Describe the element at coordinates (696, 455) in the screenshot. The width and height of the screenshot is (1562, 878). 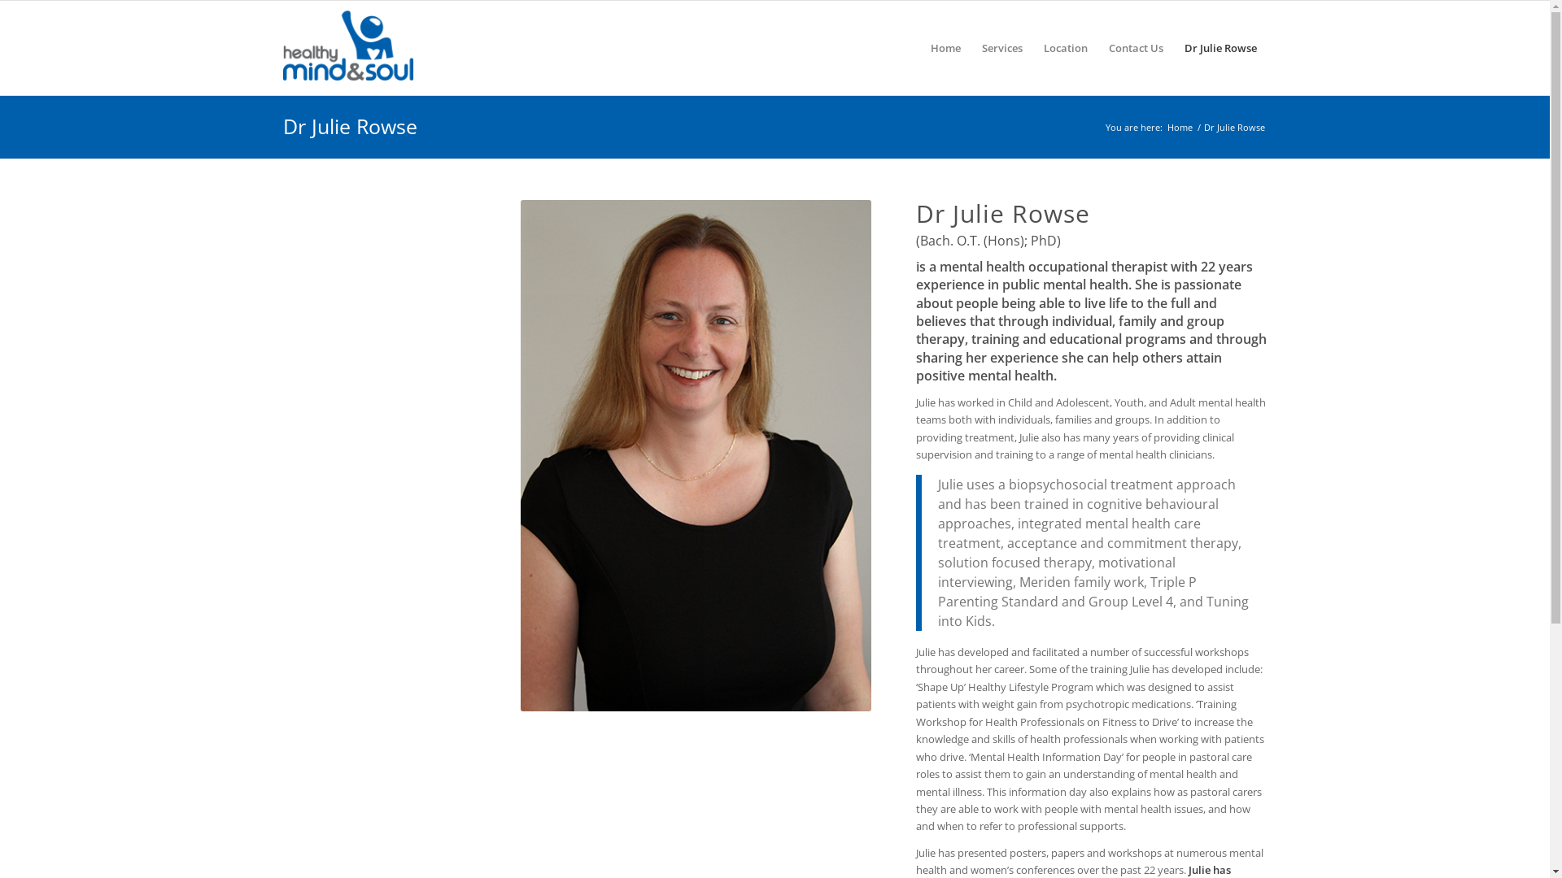
I see `'self2'` at that location.